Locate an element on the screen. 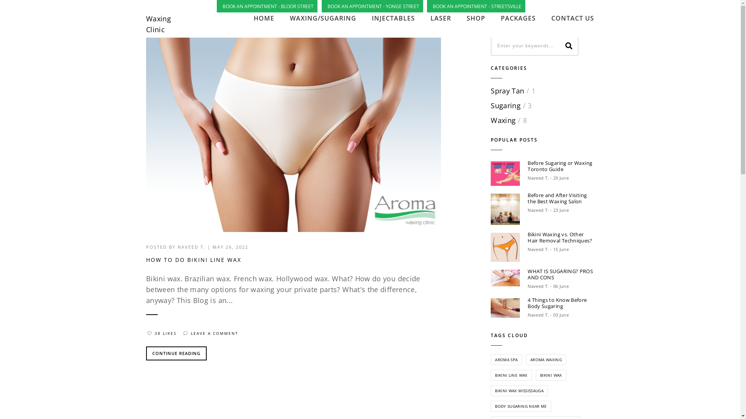  'LEAVE A COMMENT' is located at coordinates (210, 333).